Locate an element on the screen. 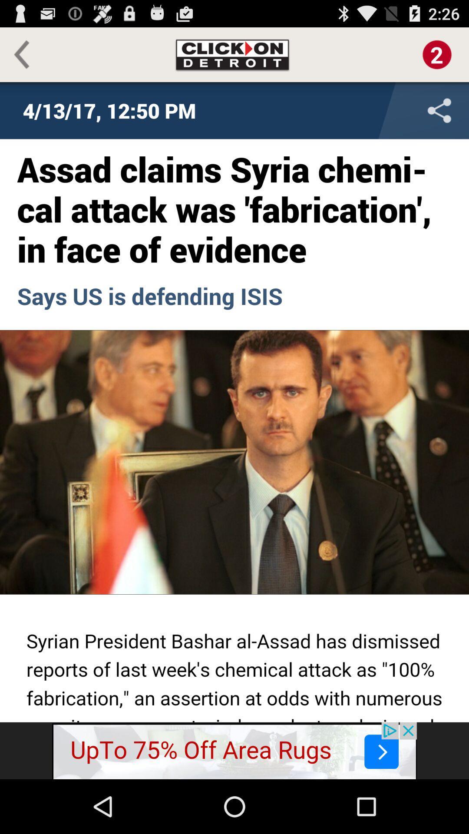 The image size is (469, 834). share is located at coordinates (382, 110).